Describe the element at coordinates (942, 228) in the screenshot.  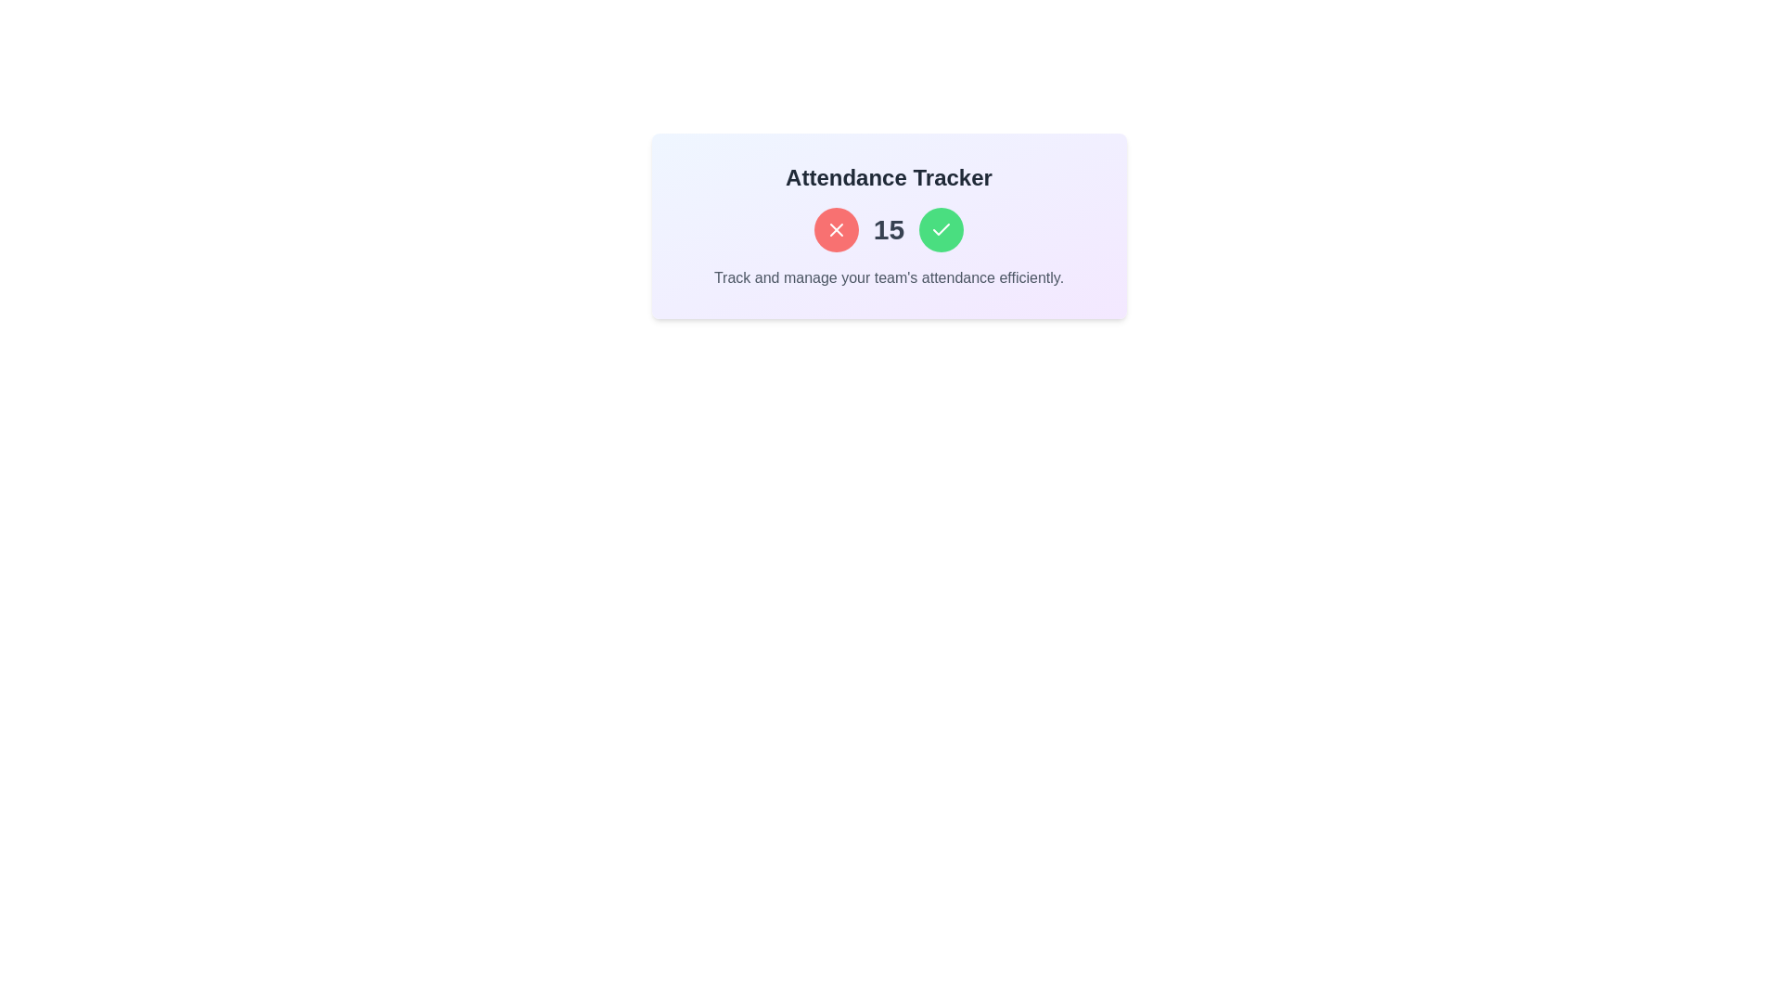
I see `visually recognizable green checkmark symbol located within a circle, positioned on the right side of a horizontal group of indicators, to analyze its graphical attributes` at that location.